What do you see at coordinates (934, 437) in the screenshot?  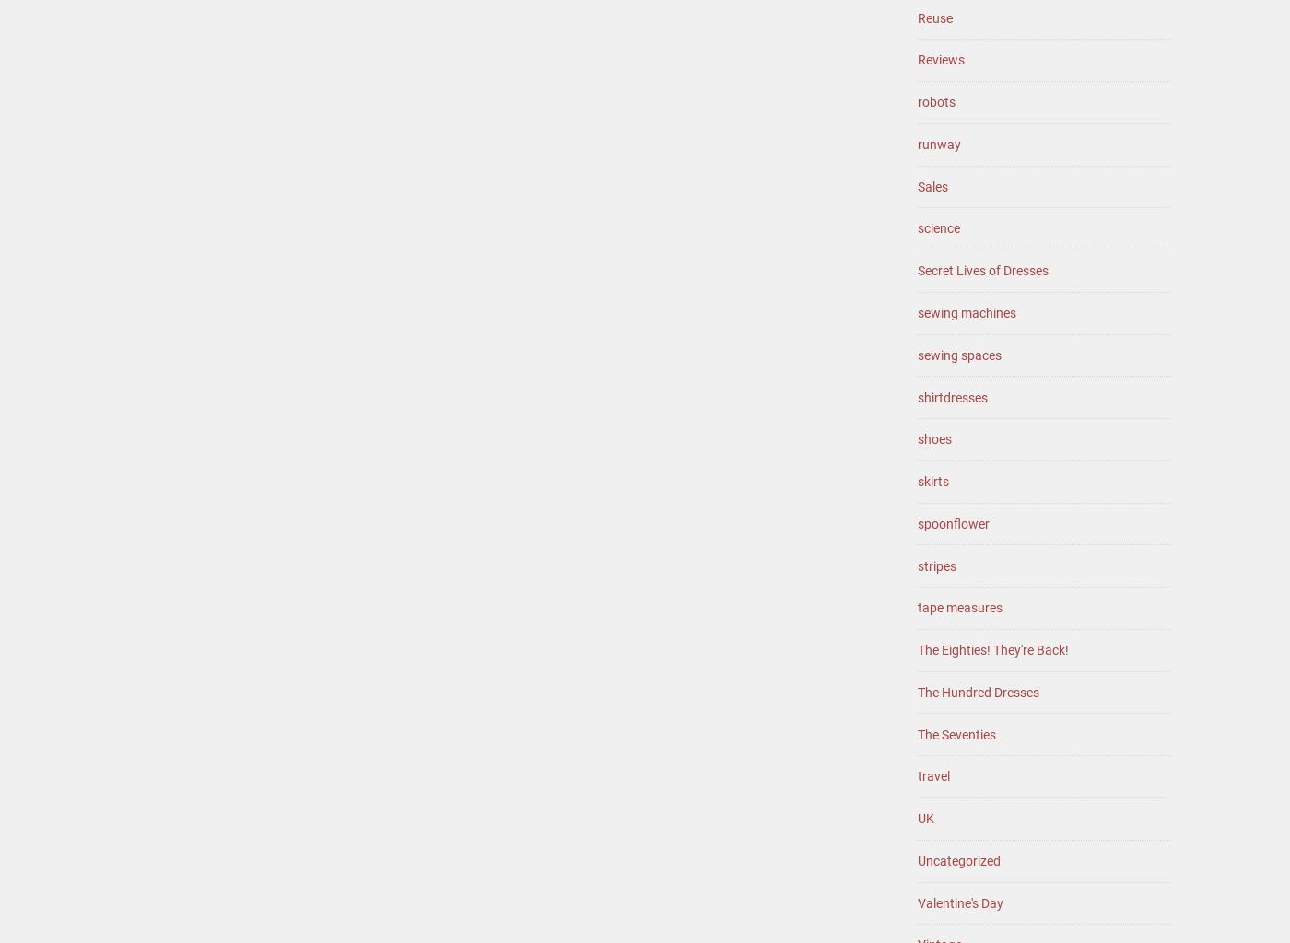 I see `'shoes'` at bounding box center [934, 437].